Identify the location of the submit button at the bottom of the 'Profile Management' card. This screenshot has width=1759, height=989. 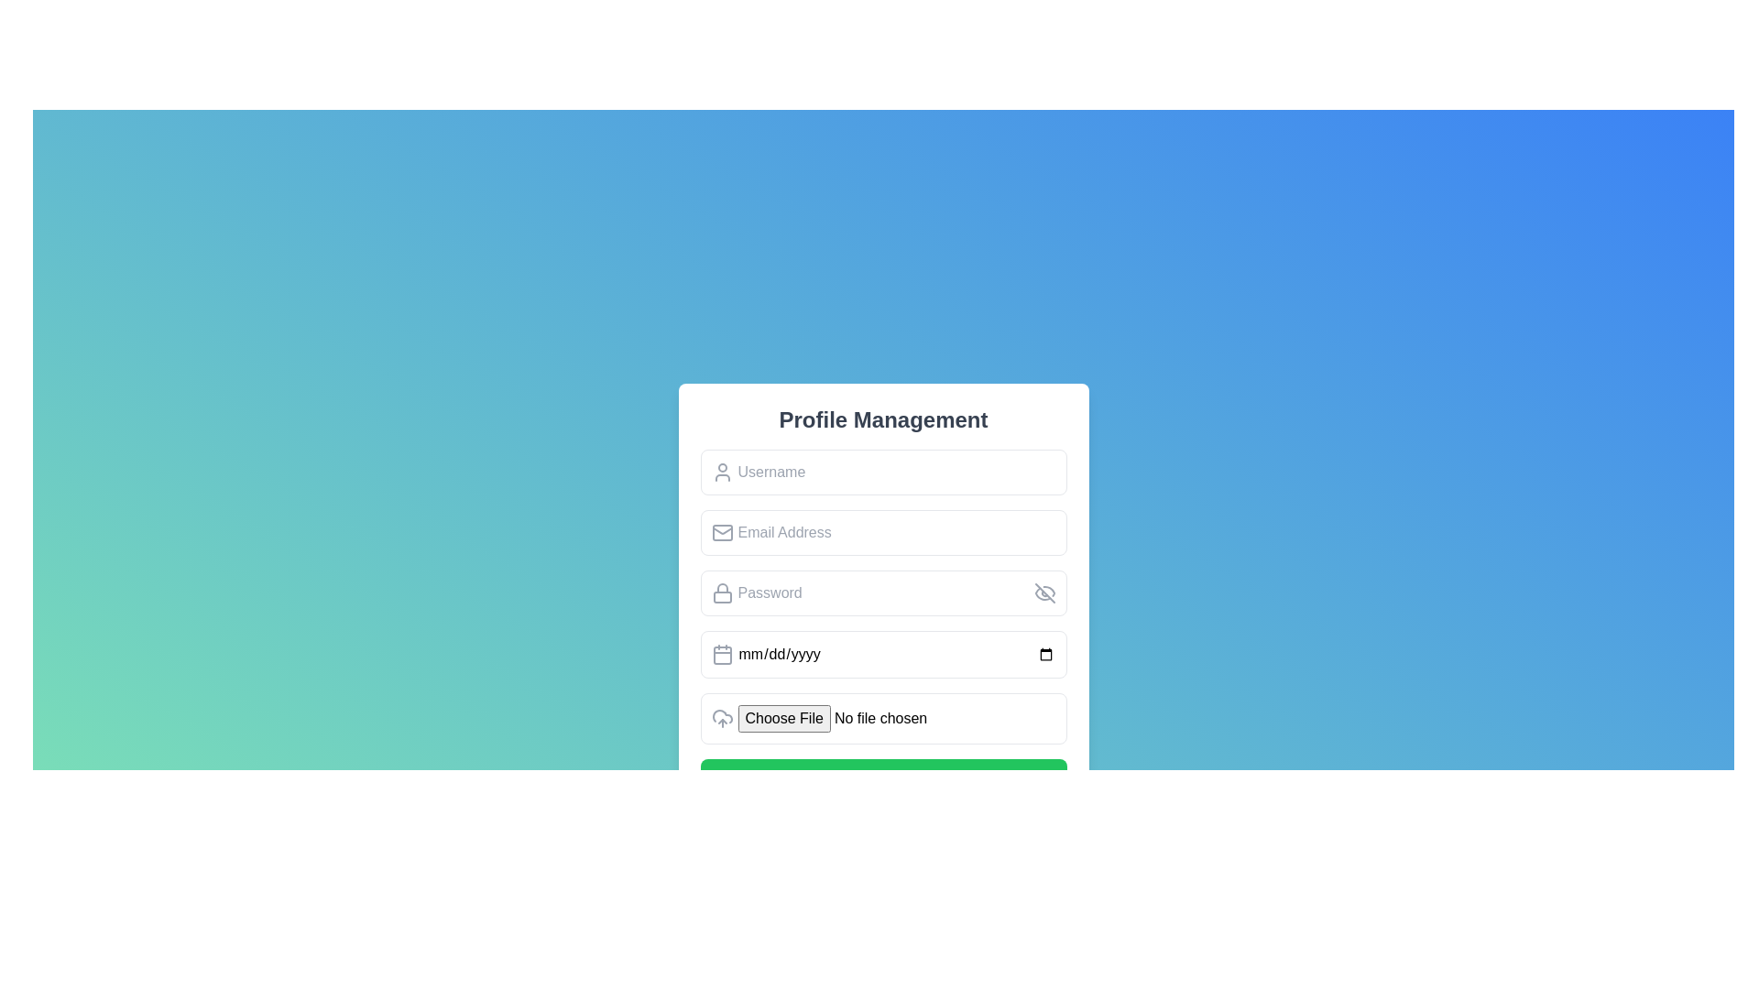
(883, 780).